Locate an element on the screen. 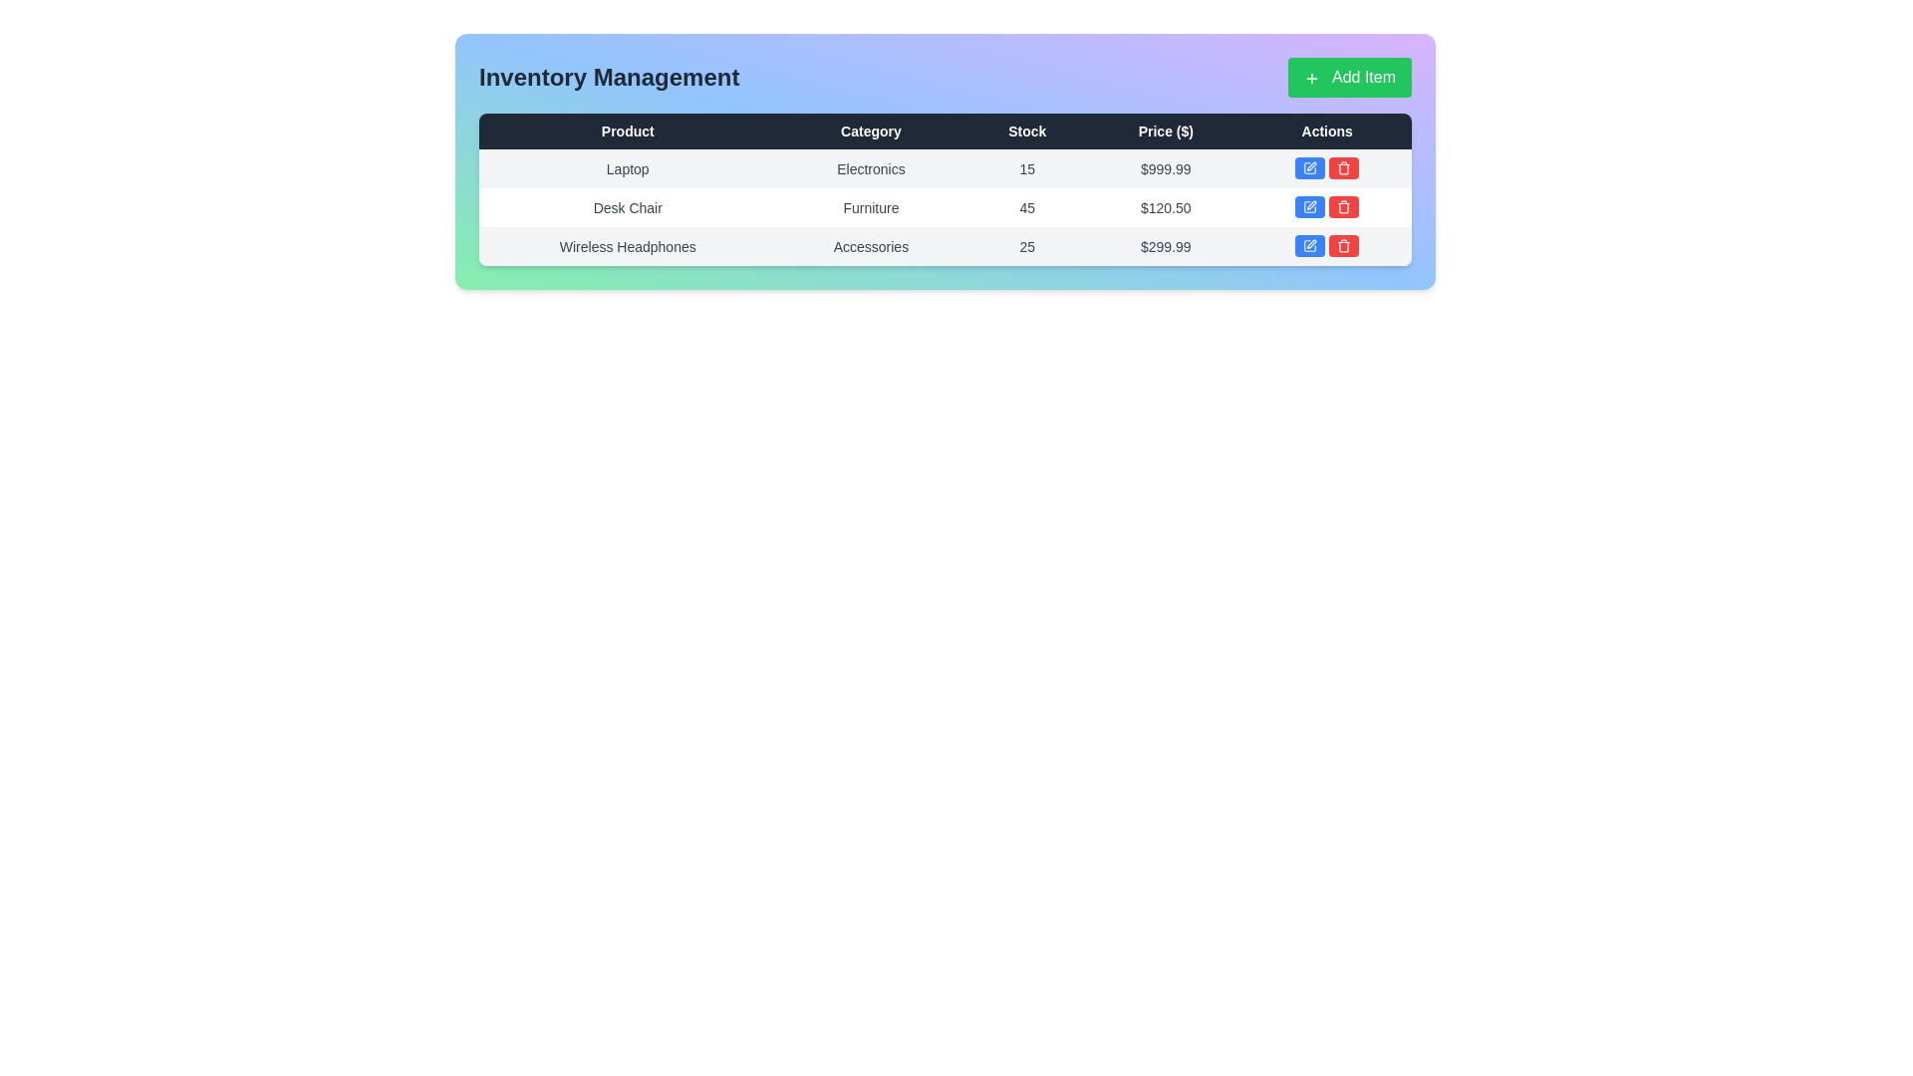 The width and height of the screenshot is (1913, 1076). the trash can icon in the 'Actions' column of the table, associated with the item 'Wireless Headphones' is located at coordinates (1344, 246).